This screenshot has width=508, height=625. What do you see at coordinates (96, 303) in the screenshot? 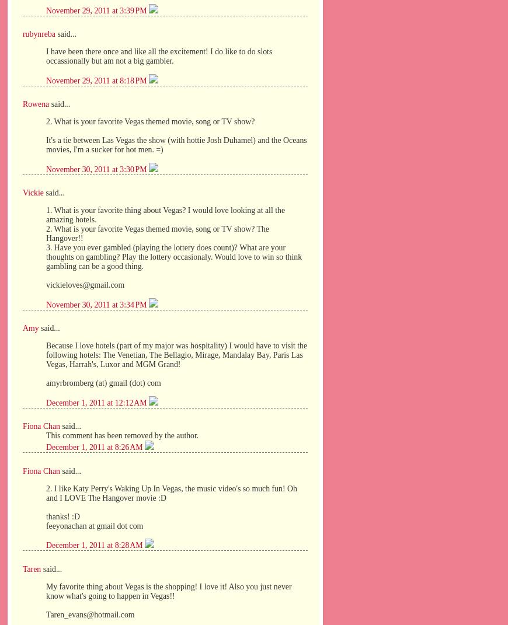
I see `'November 30, 2011 at 3:34 PM'` at bounding box center [96, 303].